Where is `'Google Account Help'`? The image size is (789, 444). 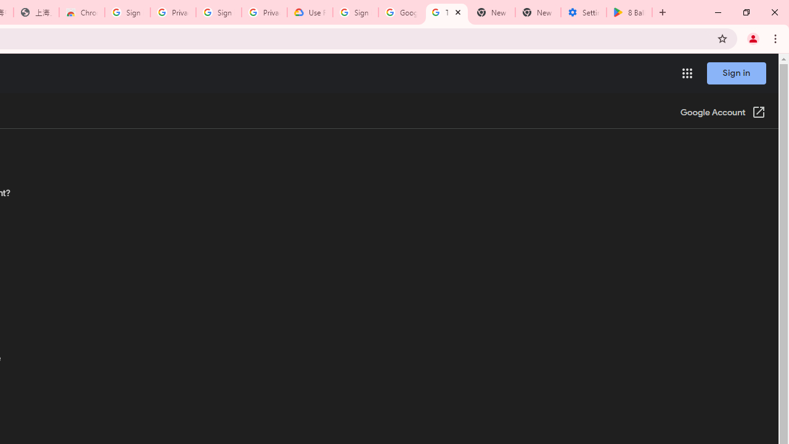 'Google Account Help' is located at coordinates (401, 12).